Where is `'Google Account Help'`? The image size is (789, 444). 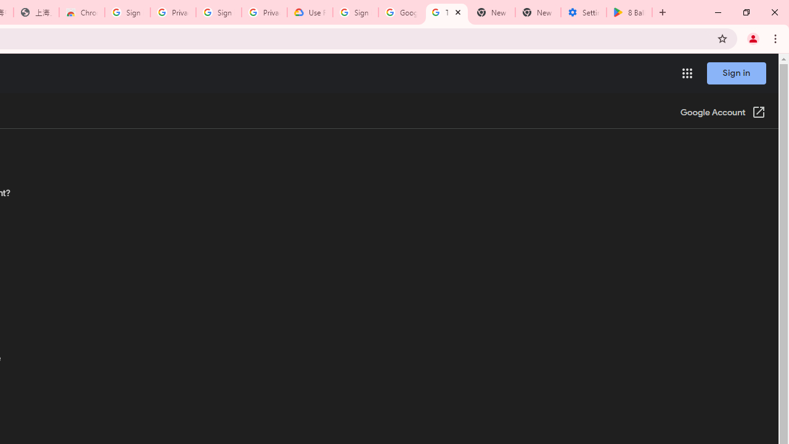 'Google Account Help' is located at coordinates (401, 12).